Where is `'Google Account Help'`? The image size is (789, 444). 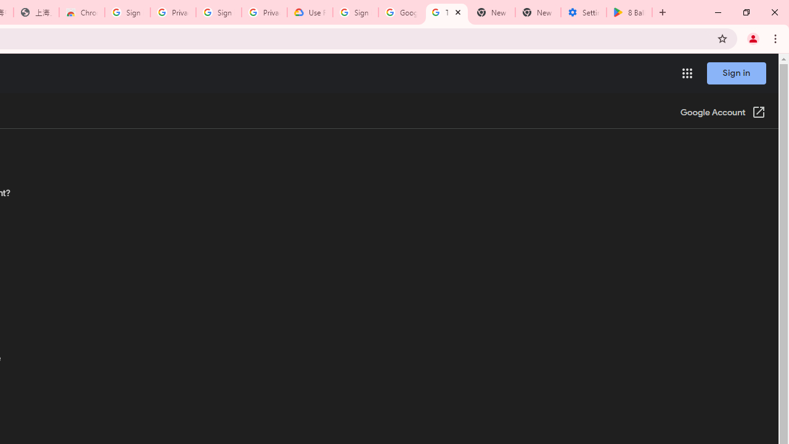 'Google Account Help' is located at coordinates (401, 12).